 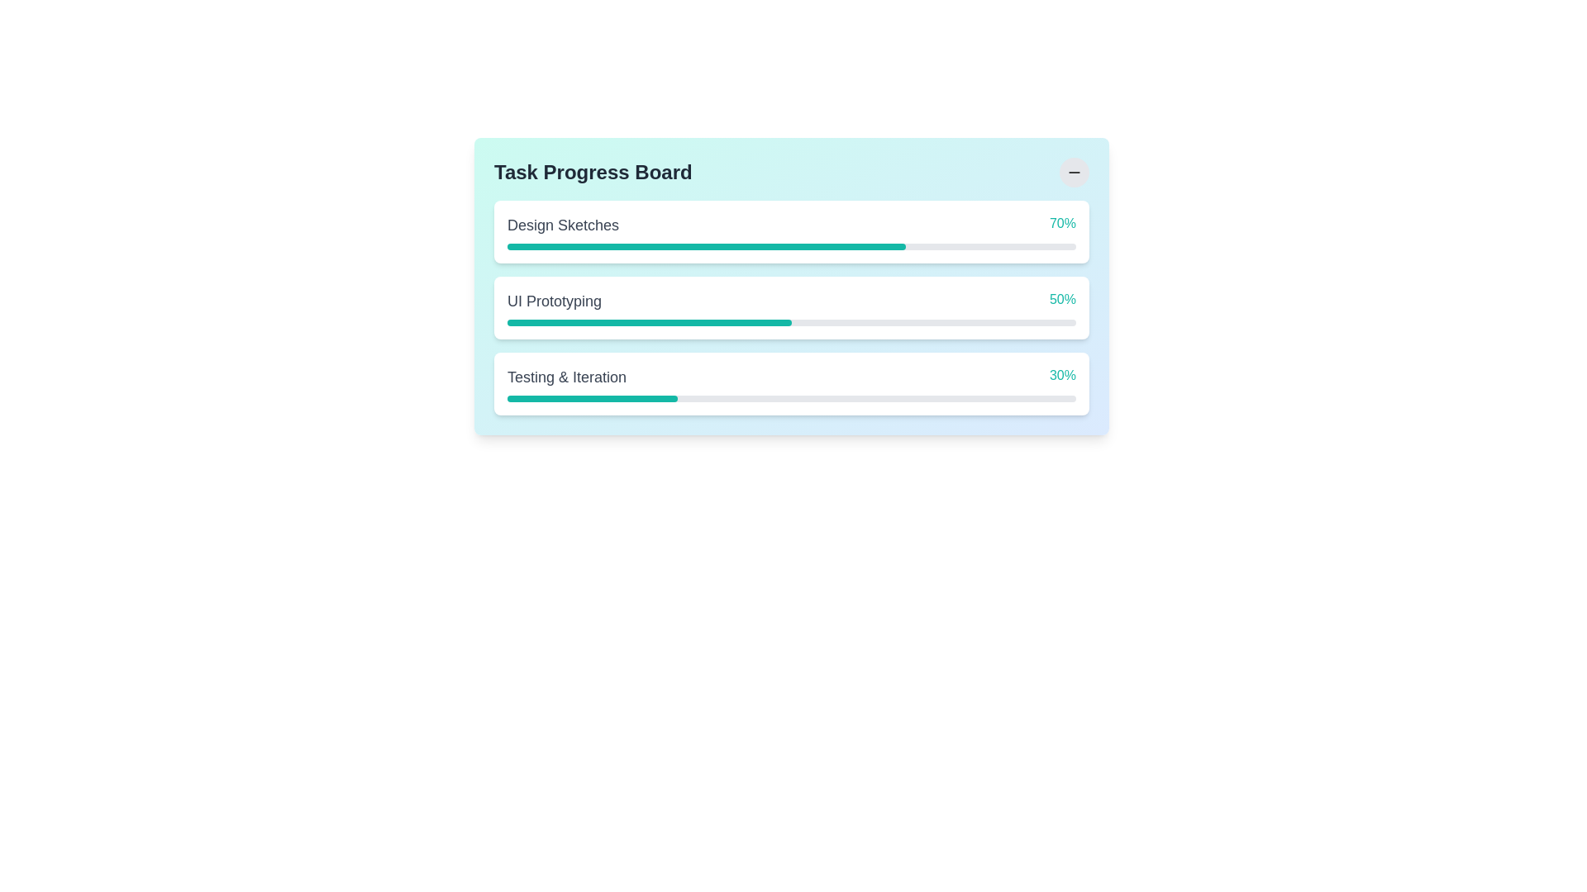 What do you see at coordinates (593, 398) in the screenshot?
I see `third progress bar segment, which is teal in color and located under the 'Testing & Iteration' label in the progress board` at bounding box center [593, 398].